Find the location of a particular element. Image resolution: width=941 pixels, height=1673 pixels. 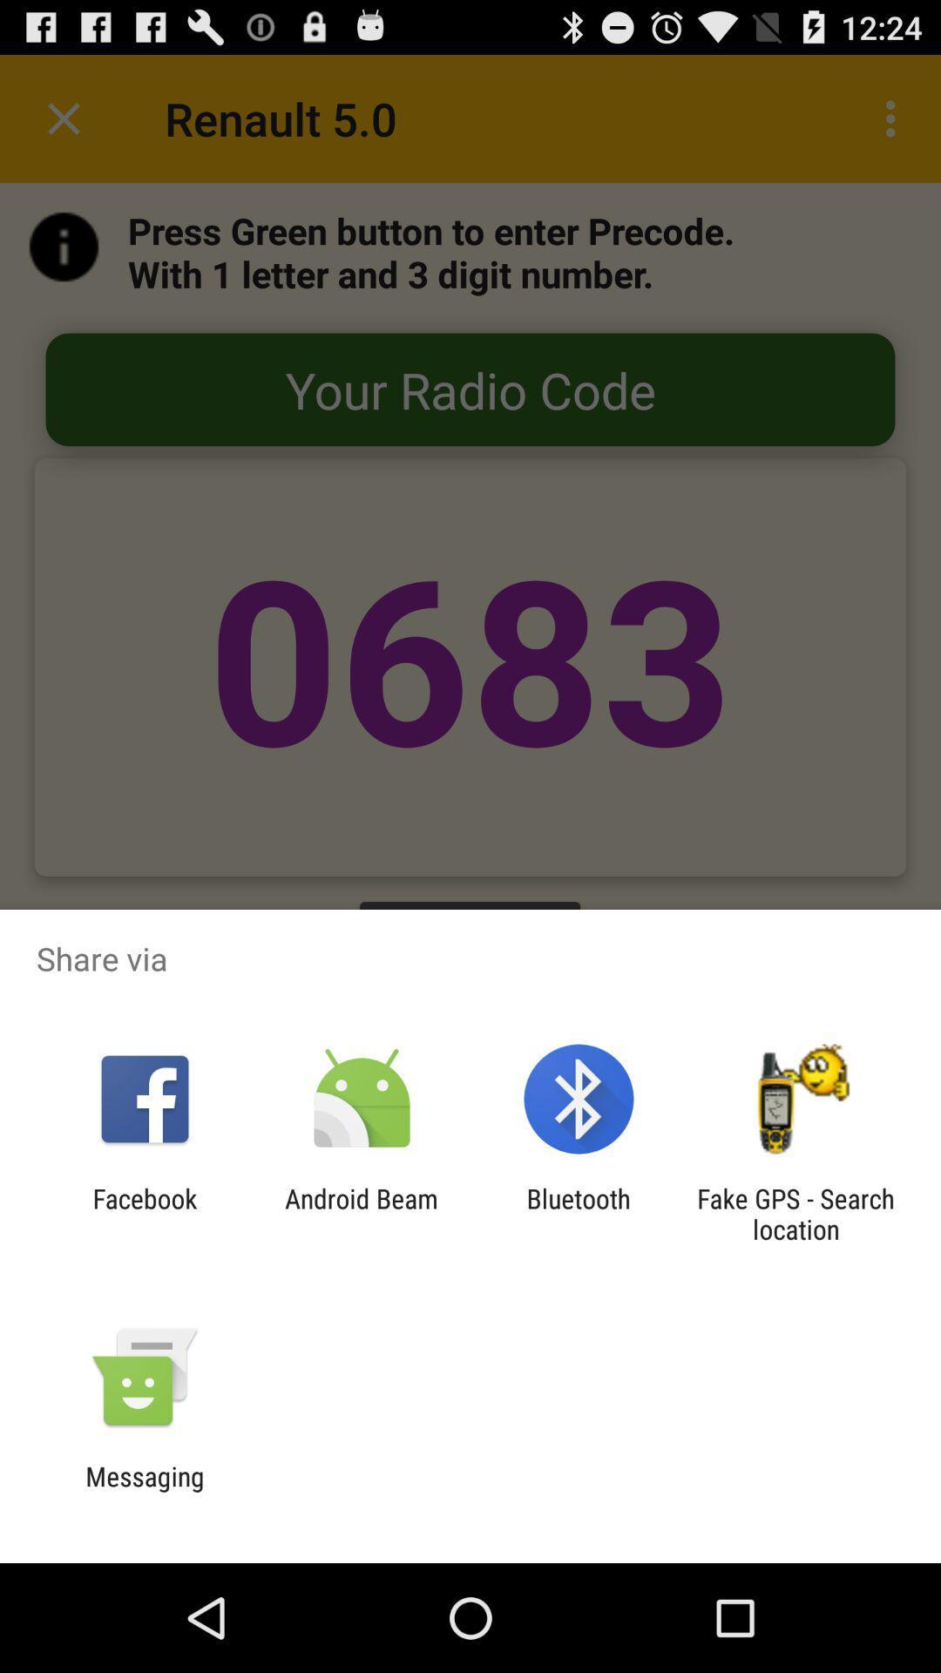

icon next to bluetooth app is located at coordinates (795, 1213).